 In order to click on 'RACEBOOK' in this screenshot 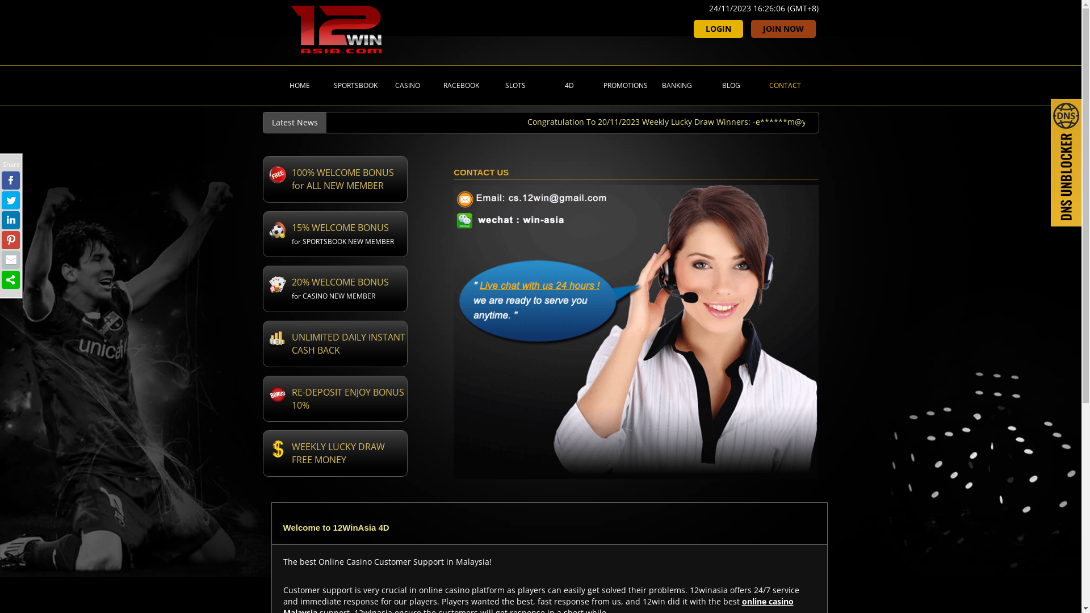, I will do `click(459, 85)`.